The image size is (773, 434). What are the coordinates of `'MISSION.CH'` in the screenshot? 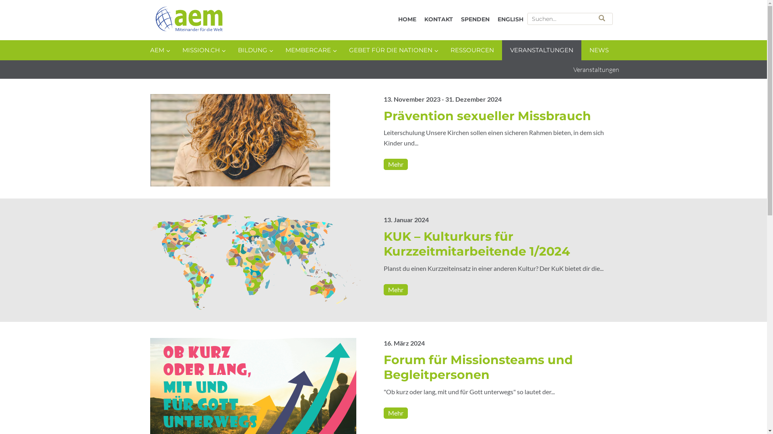 It's located at (201, 50).